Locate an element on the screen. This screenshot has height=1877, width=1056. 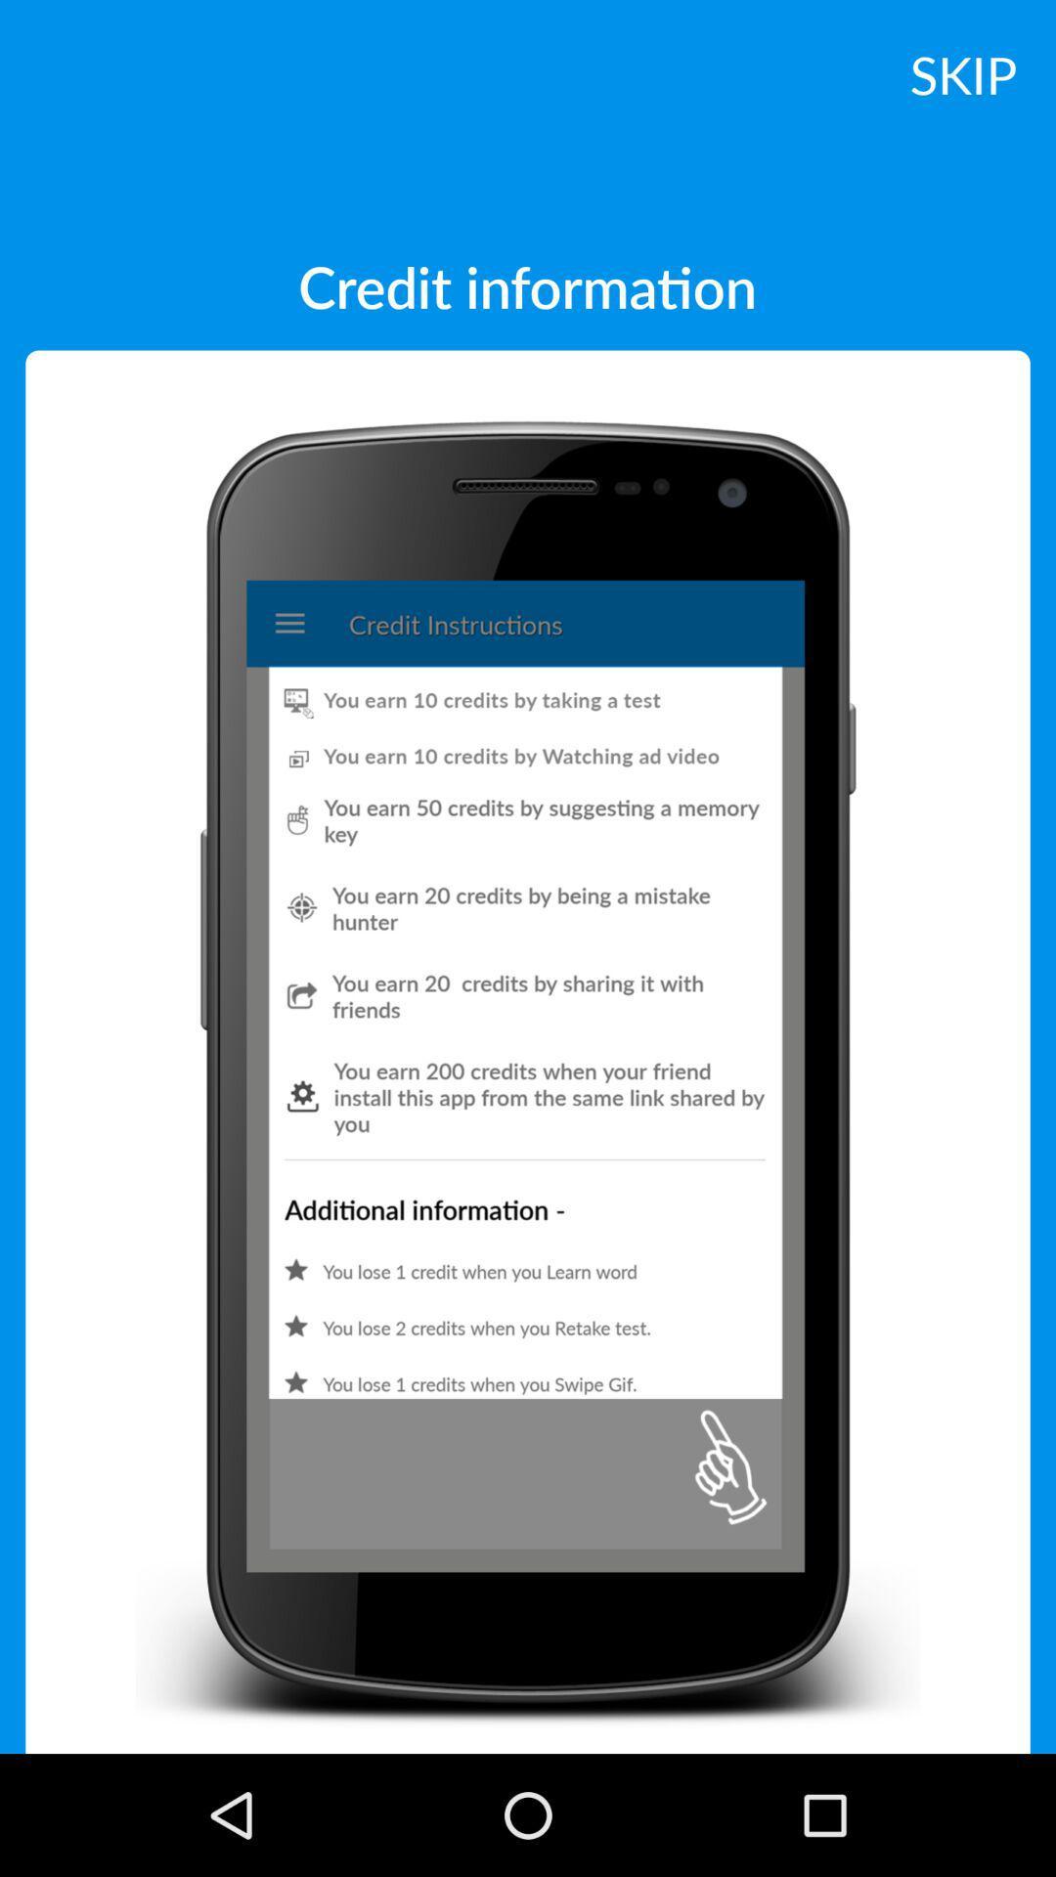
skip is located at coordinates (962, 73).